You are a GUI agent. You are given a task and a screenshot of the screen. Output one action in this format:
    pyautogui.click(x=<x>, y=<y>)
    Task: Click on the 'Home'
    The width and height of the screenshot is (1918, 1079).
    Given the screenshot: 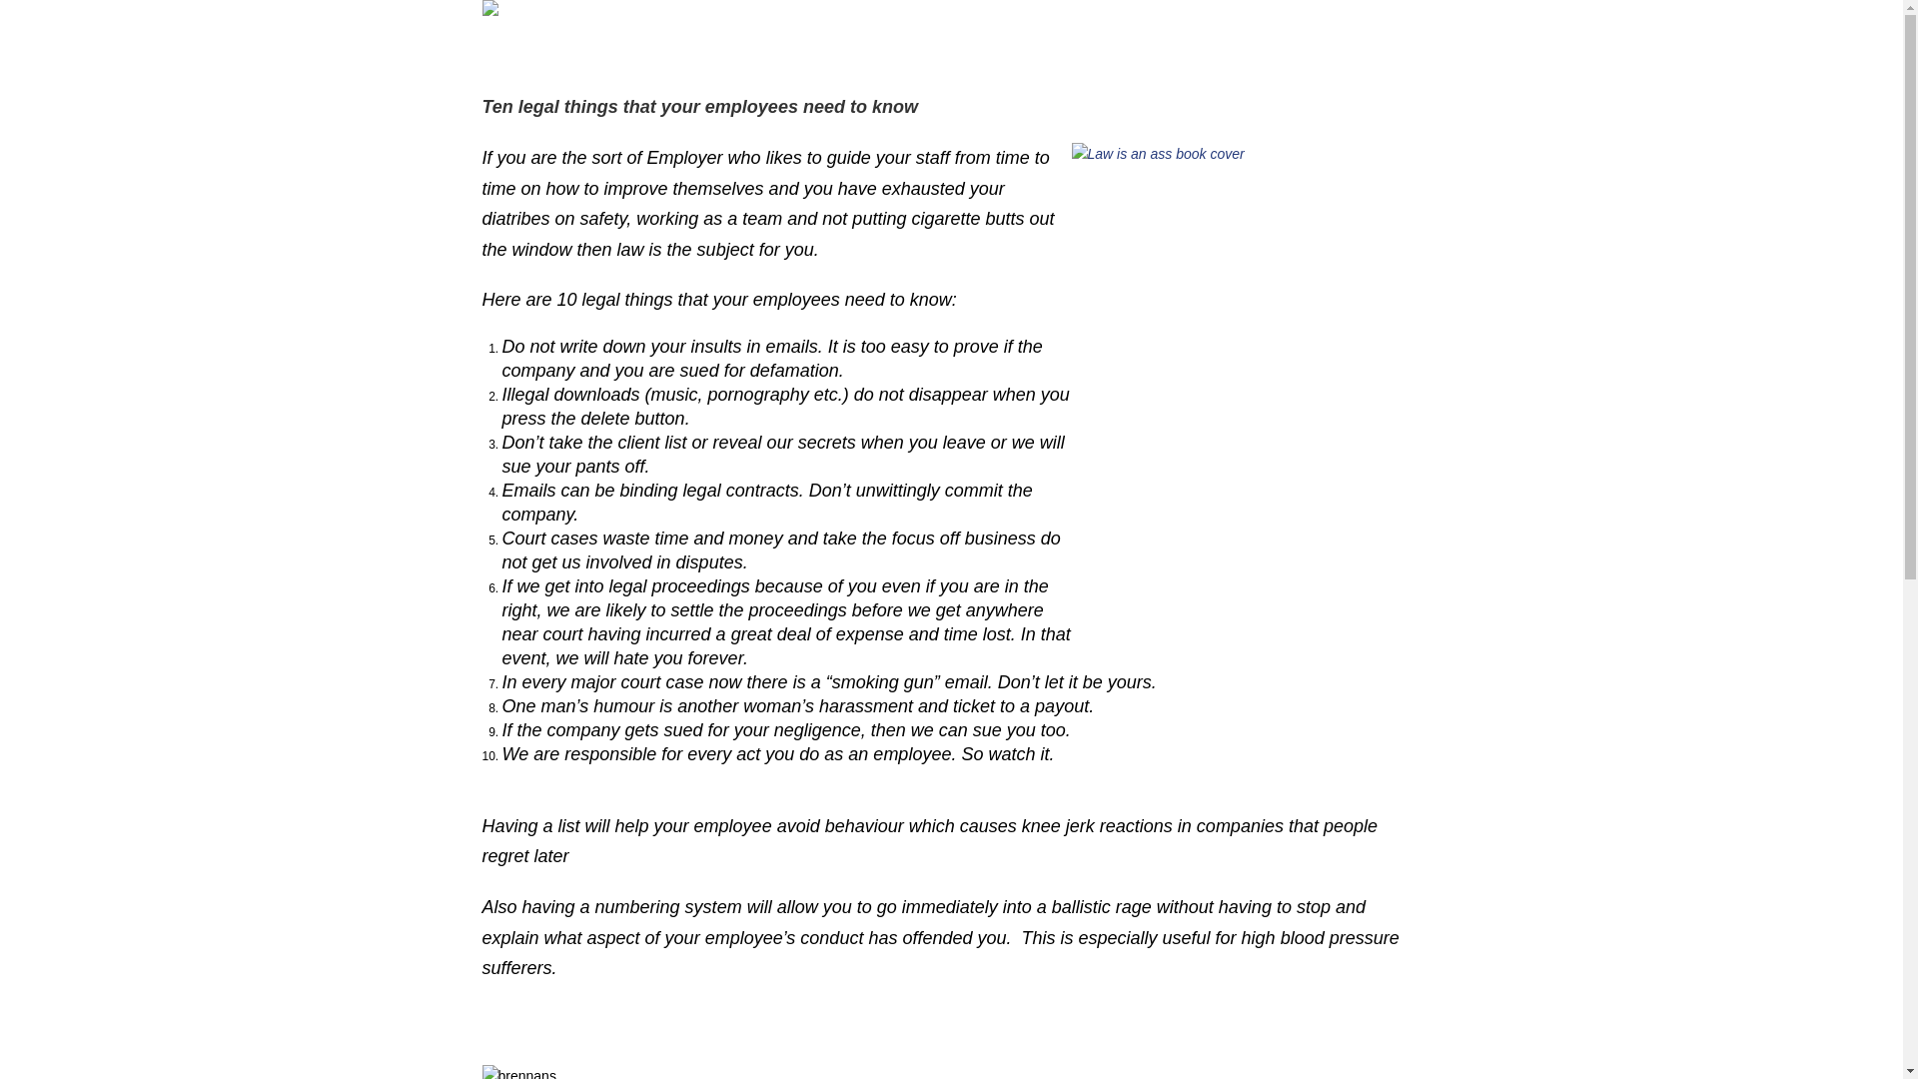 What is the action you would take?
    pyautogui.click(x=588, y=42)
    